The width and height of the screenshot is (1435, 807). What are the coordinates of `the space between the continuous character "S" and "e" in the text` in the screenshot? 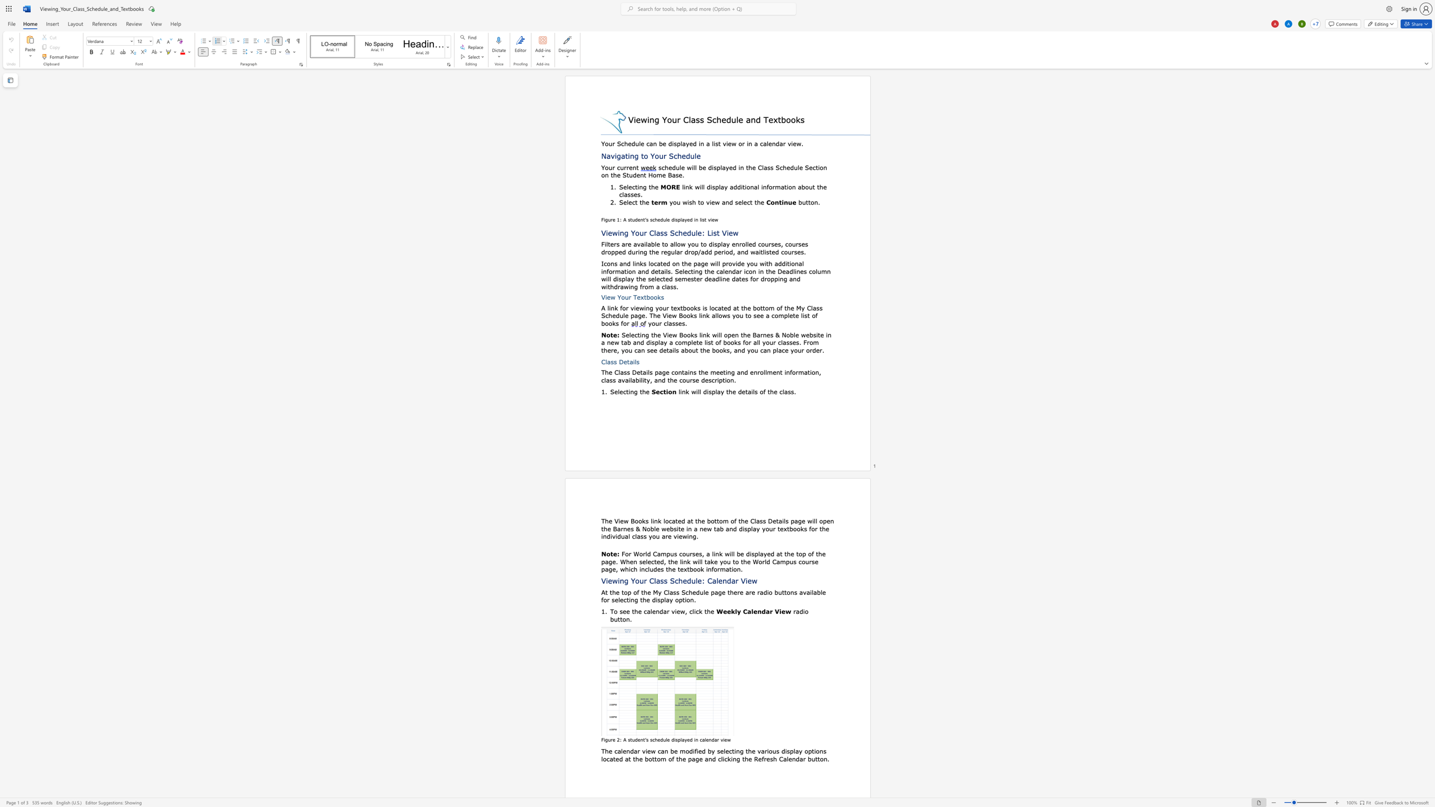 It's located at (623, 202).